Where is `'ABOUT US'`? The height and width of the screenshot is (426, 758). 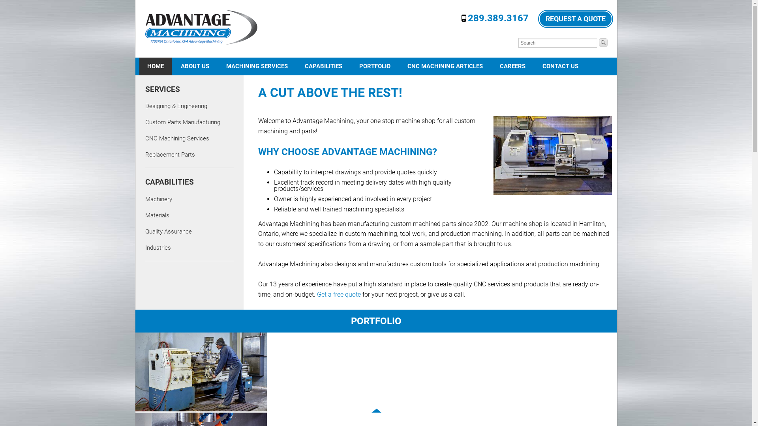 'ABOUT US' is located at coordinates (195, 66).